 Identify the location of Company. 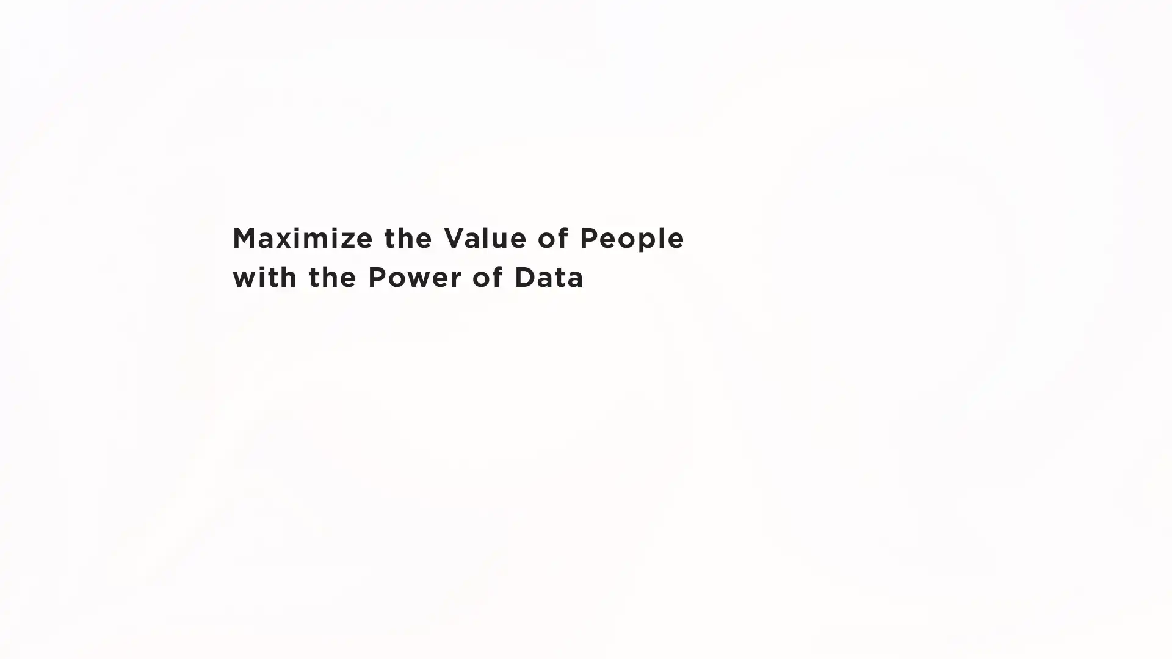
(433, 45).